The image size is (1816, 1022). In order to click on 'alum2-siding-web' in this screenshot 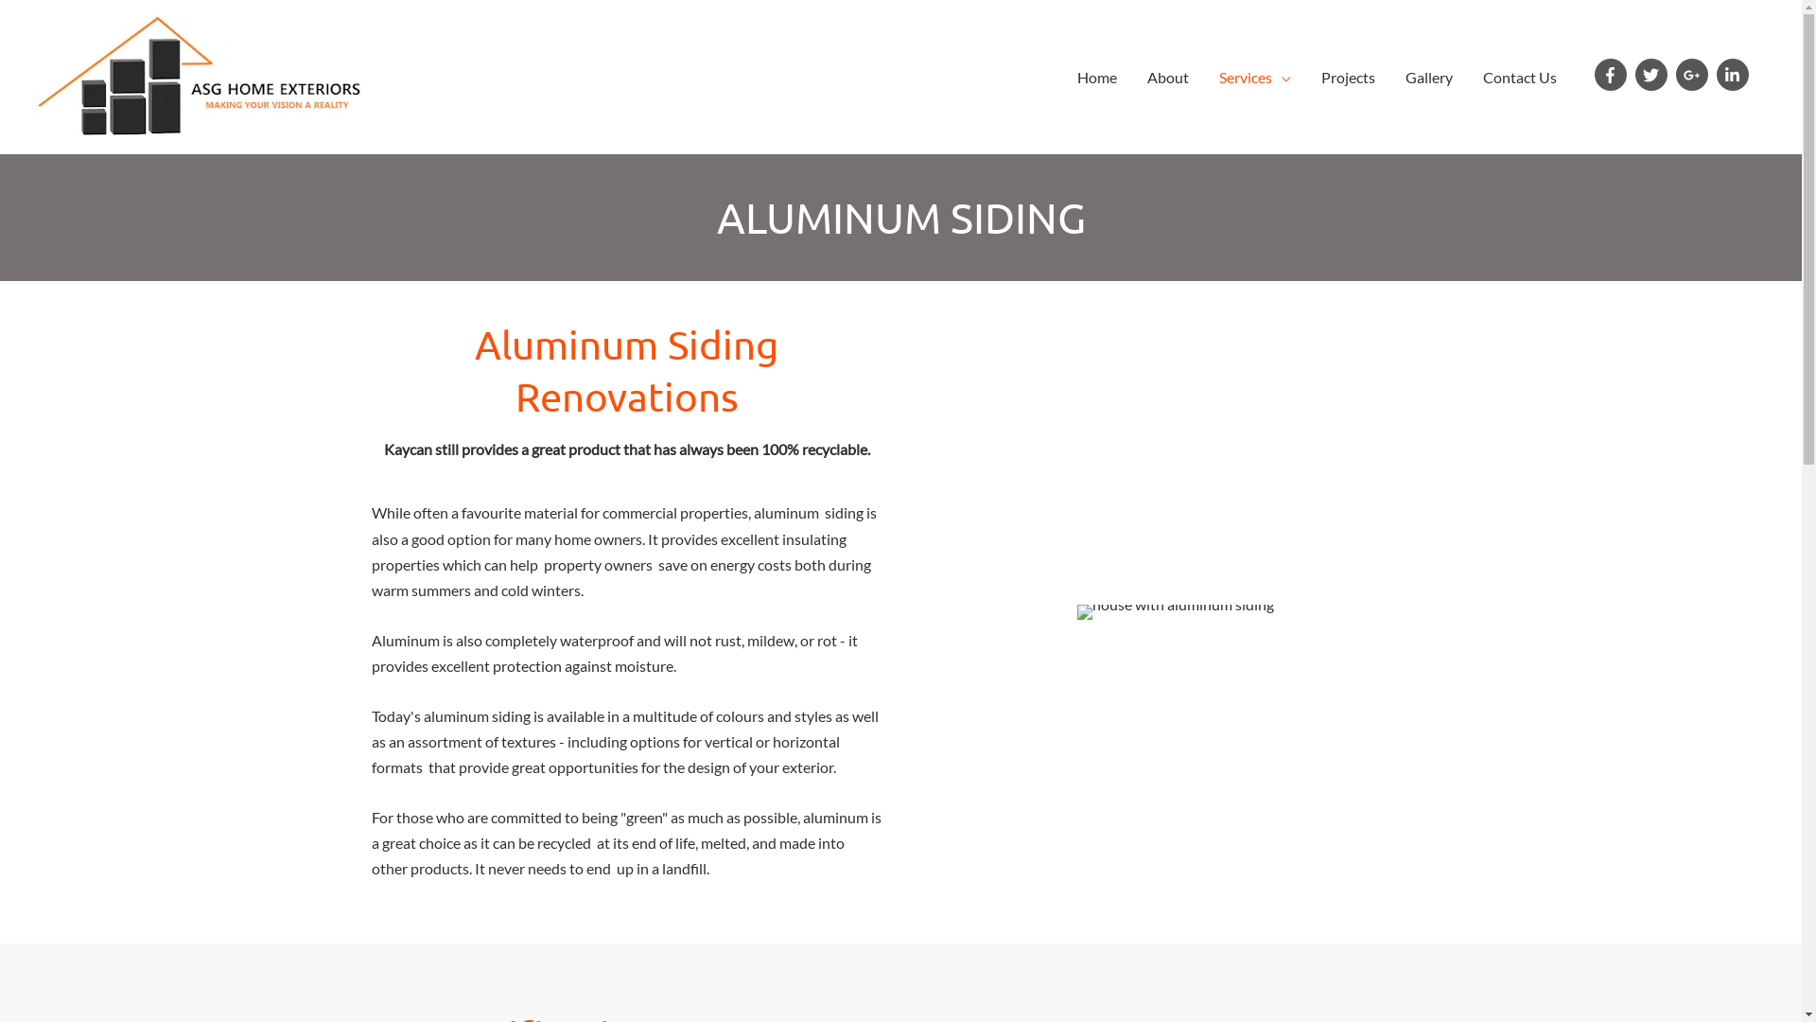, I will do `click(1174, 612)`.